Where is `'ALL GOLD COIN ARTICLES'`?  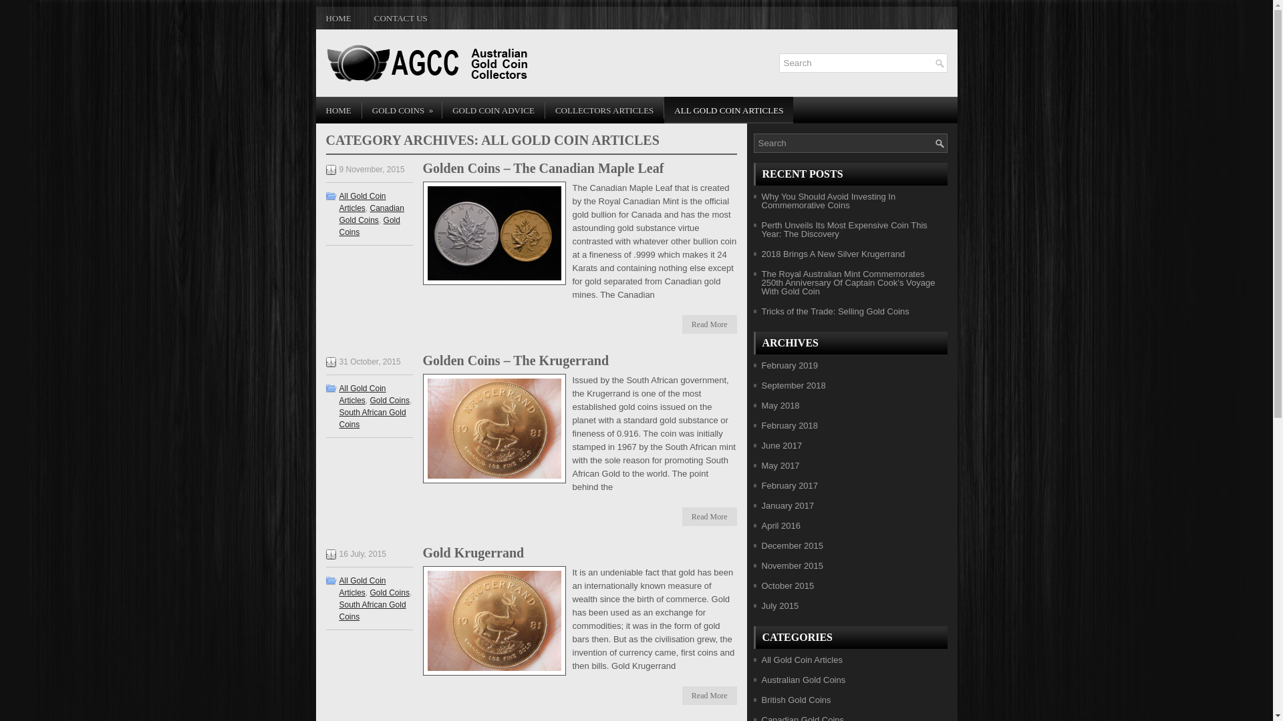
'ALL GOLD COIN ARTICLES' is located at coordinates (664, 109).